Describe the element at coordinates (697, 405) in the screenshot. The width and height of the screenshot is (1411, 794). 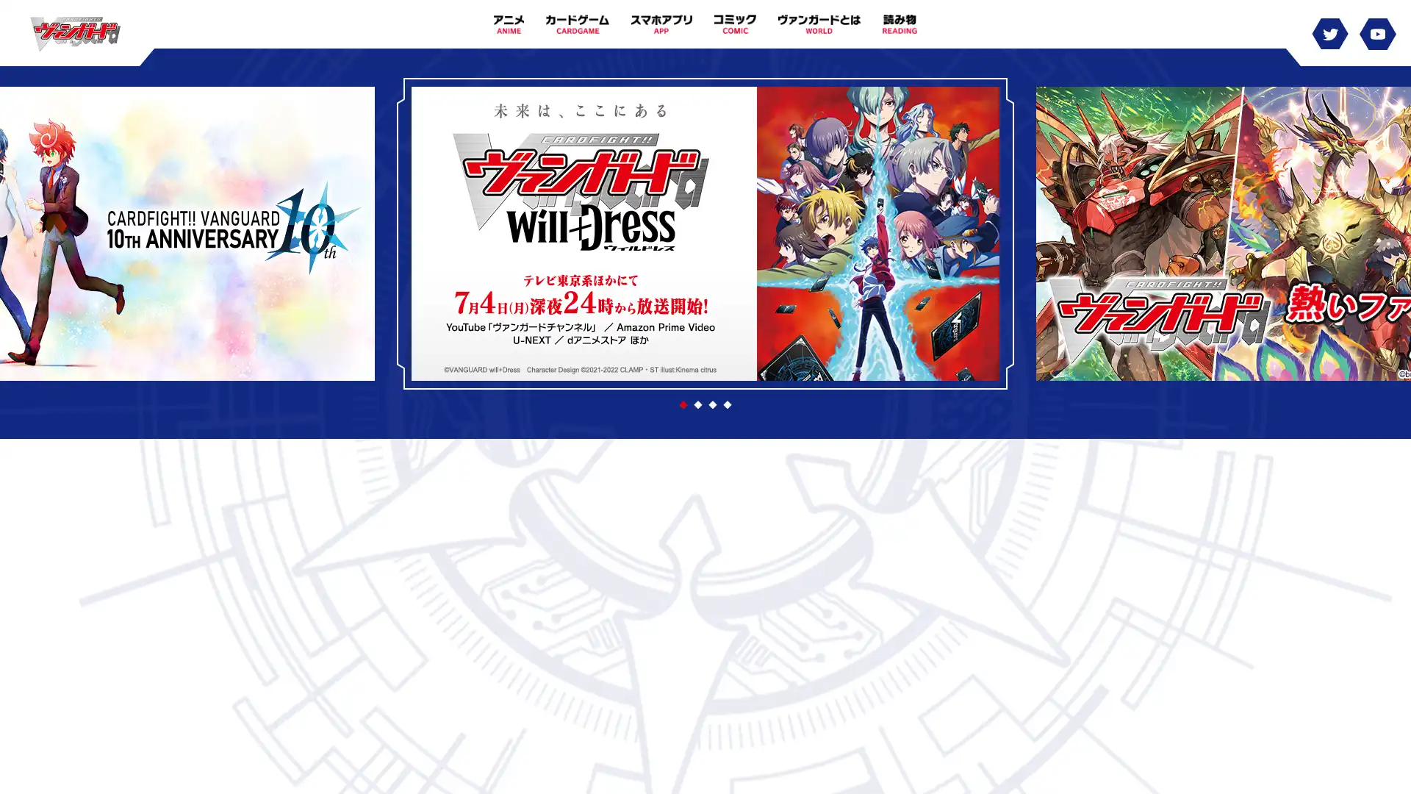
I see `Go to slide 2` at that location.